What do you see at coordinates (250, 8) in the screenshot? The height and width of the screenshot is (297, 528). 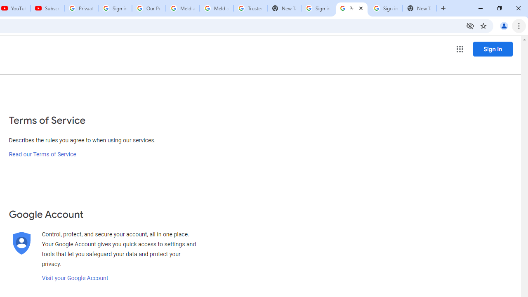 I see `'Trusted Information and Content - Google Safety Center'` at bounding box center [250, 8].